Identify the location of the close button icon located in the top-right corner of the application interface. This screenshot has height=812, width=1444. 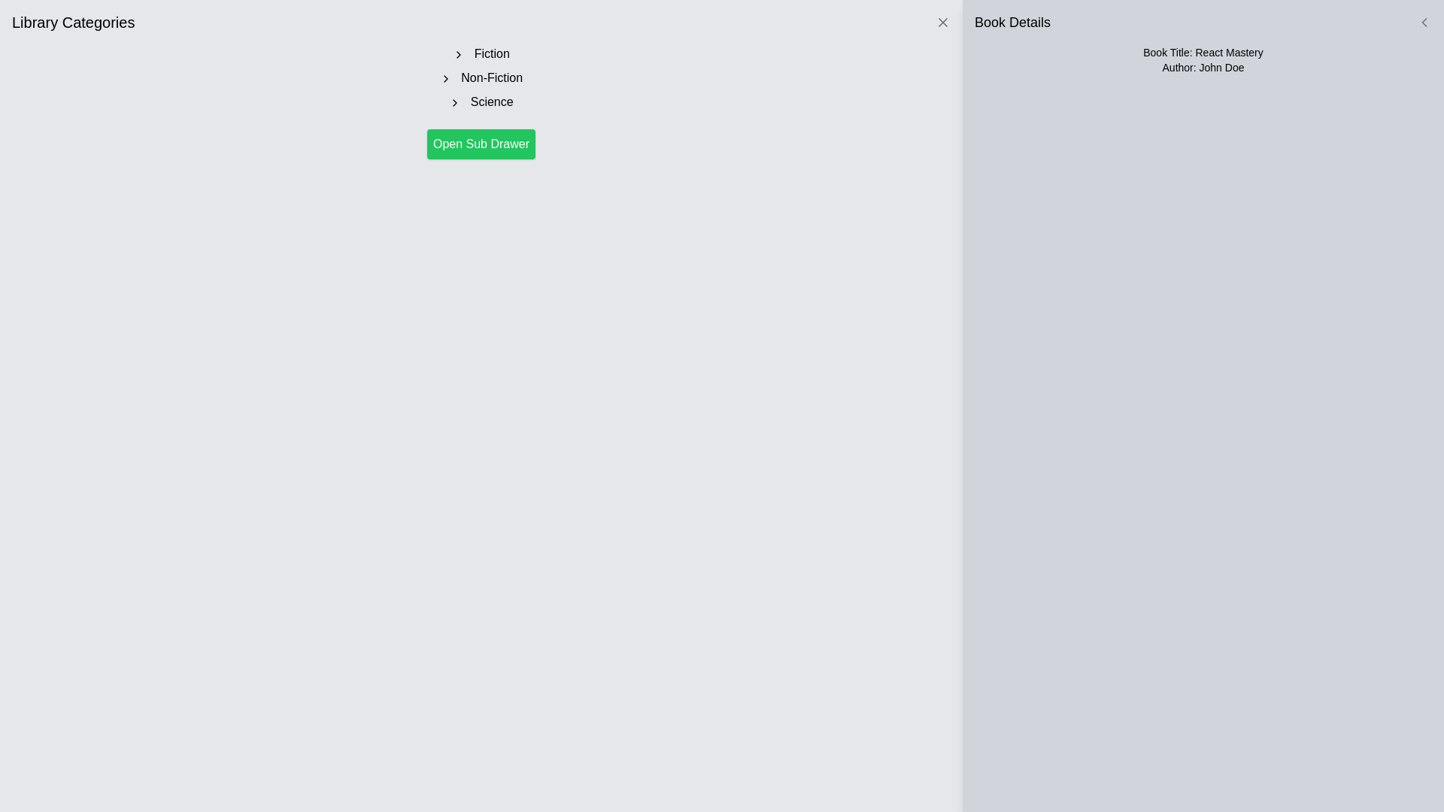
(942, 23).